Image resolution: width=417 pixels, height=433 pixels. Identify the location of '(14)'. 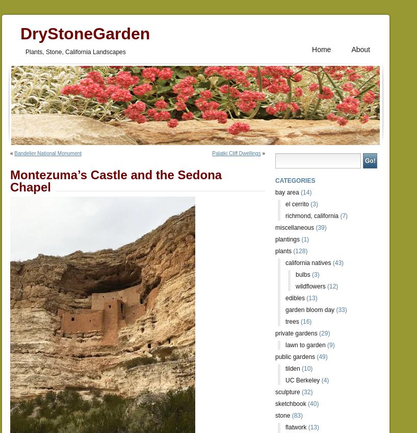
(304, 193).